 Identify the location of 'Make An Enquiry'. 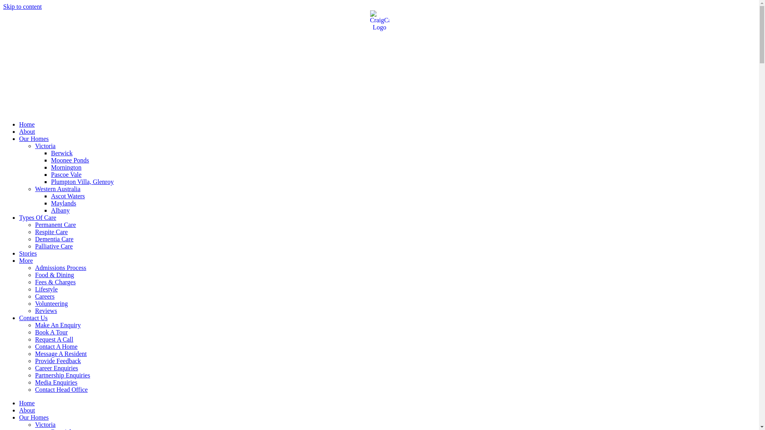
(34, 325).